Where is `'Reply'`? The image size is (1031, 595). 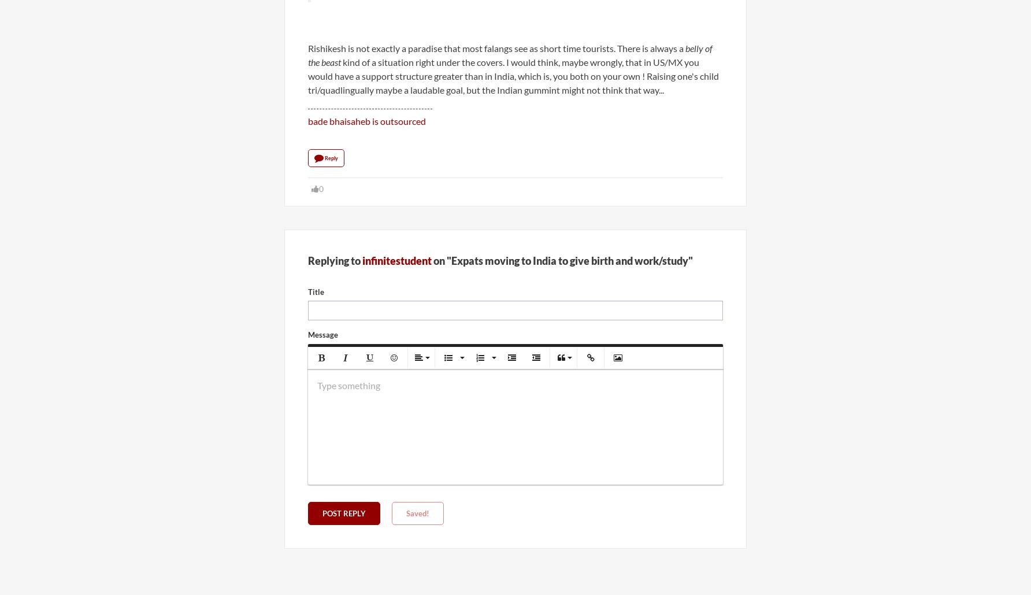 'Reply' is located at coordinates (324, 157).